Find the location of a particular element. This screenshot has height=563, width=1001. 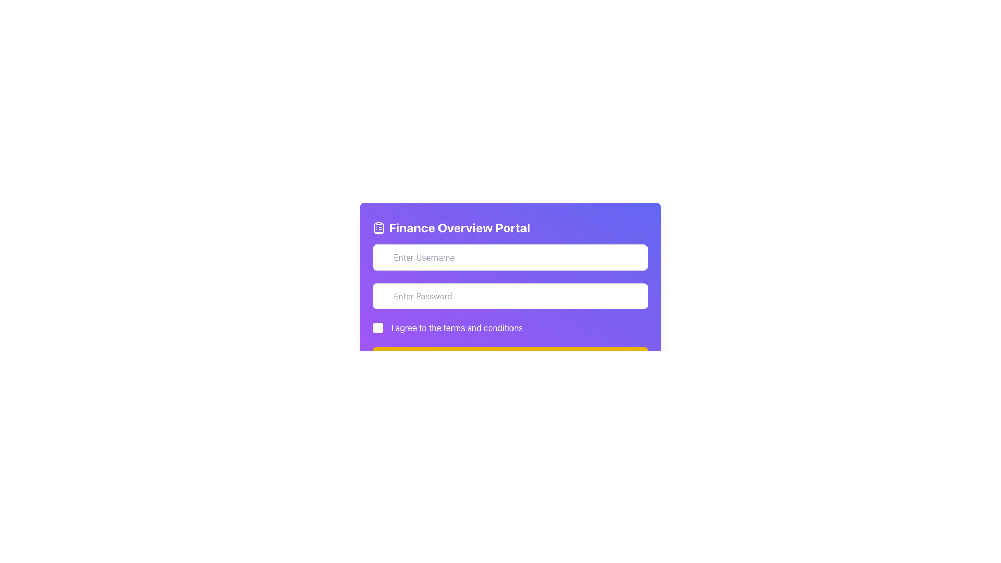

the clipboard icon styled in white with a bold outline, positioned at the far left of the 'Finance Overview Portal' title within a purple header is located at coordinates (378, 227).